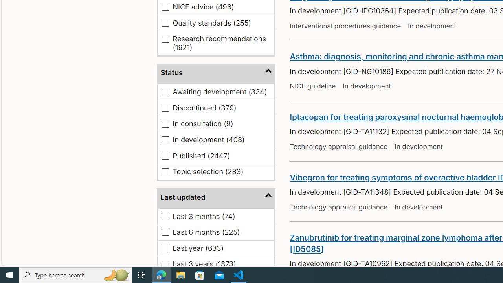 This screenshot has height=283, width=503. What do you see at coordinates (165, 92) in the screenshot?
I see `'Awaiting development (334)'` at bounding box center [165, 92].